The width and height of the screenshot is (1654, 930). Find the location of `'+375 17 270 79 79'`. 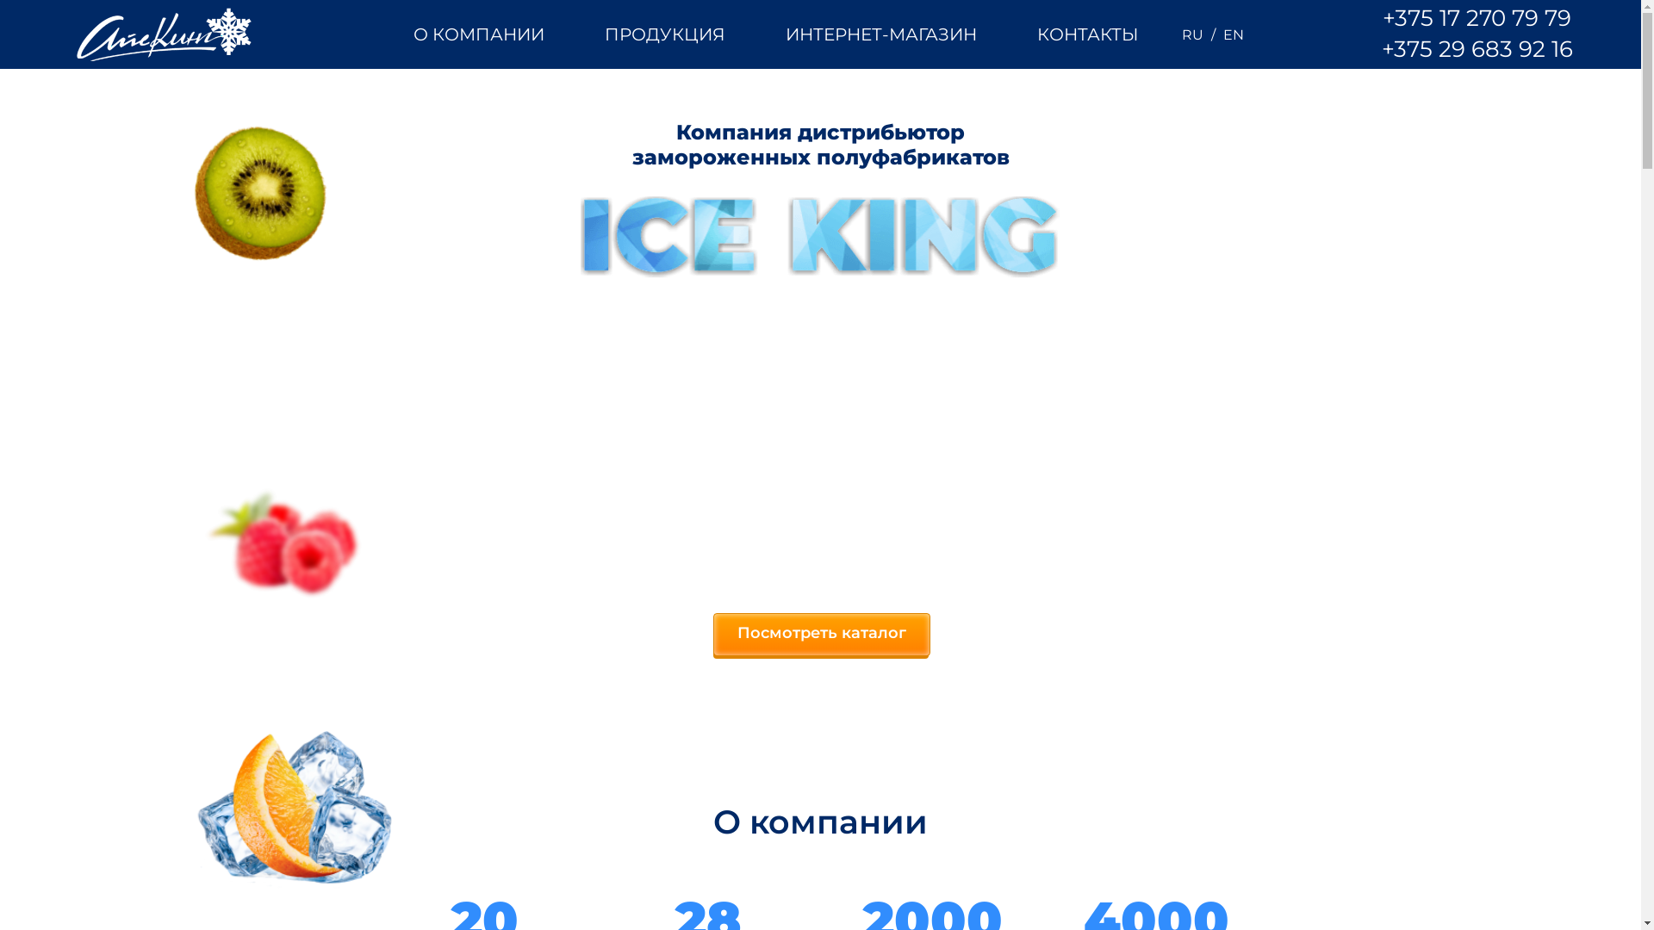

'+375 17 270 79 79' is located at coordinates (1476, 17).